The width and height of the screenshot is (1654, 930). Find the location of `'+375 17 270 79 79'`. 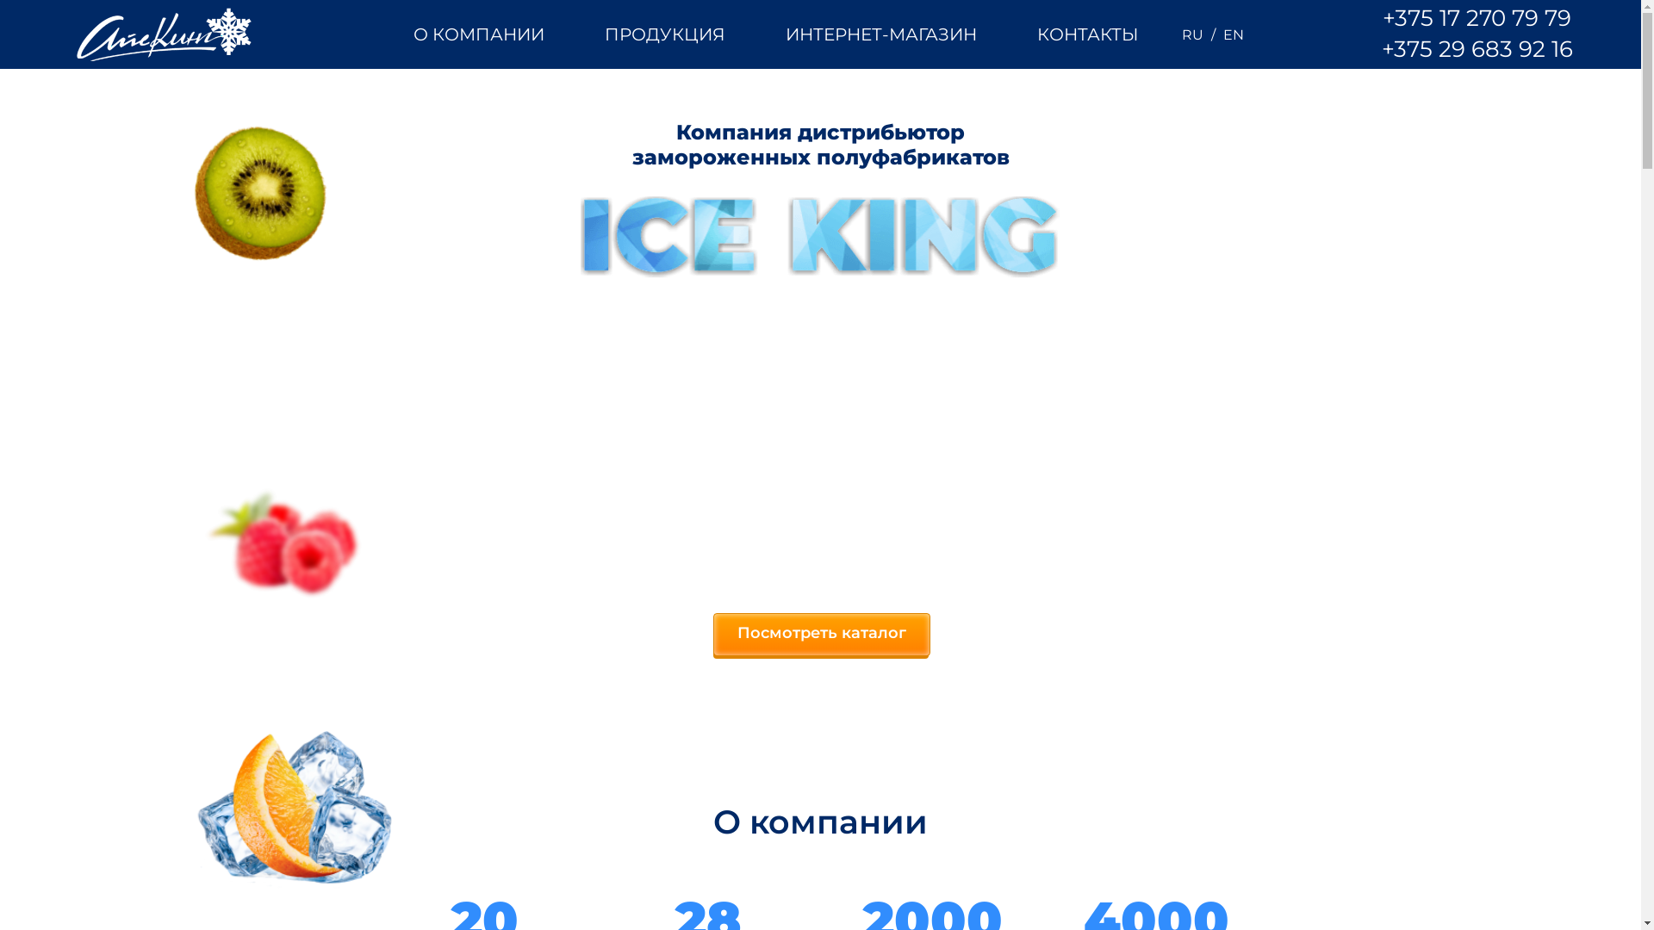

'+375 17 270 79 79' is located at coordinates (1476, 17).